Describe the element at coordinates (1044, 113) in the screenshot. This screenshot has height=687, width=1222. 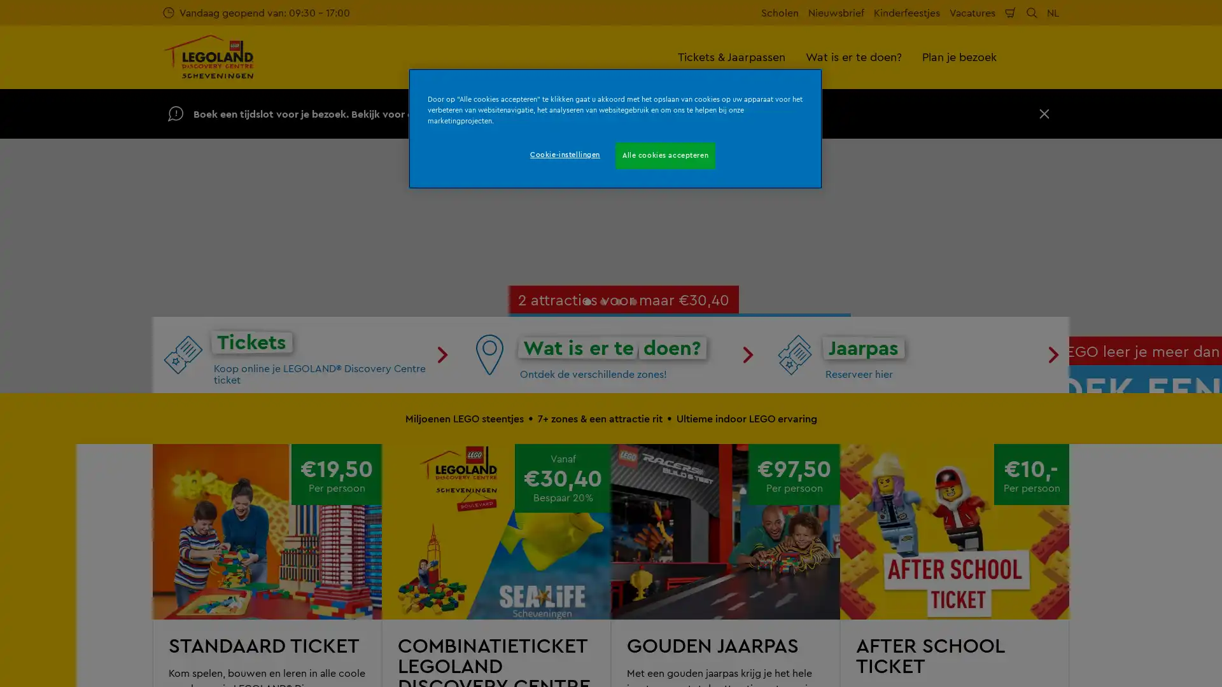
I see `Dicht` at that location.